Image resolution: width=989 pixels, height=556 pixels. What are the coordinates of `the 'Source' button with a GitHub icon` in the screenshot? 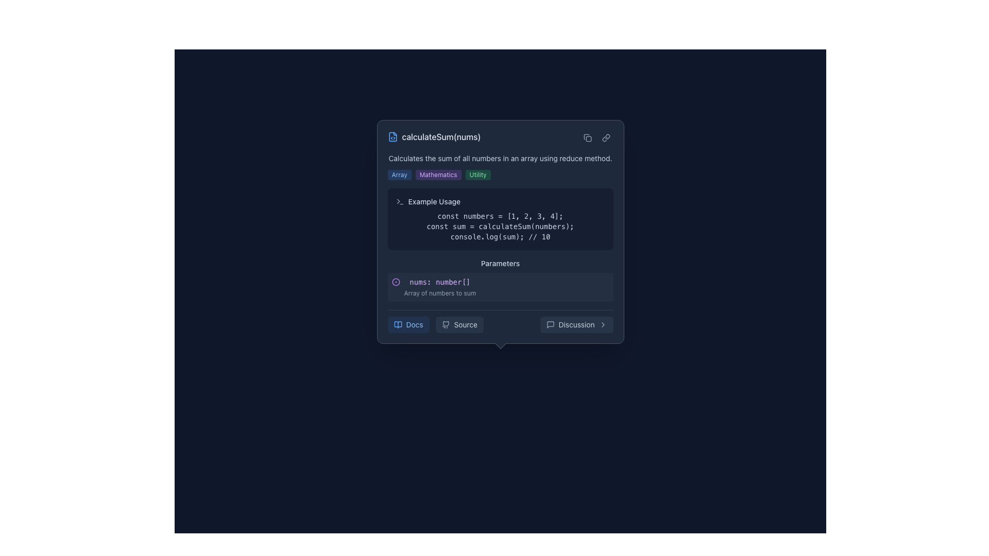 It's located at (459, 325).